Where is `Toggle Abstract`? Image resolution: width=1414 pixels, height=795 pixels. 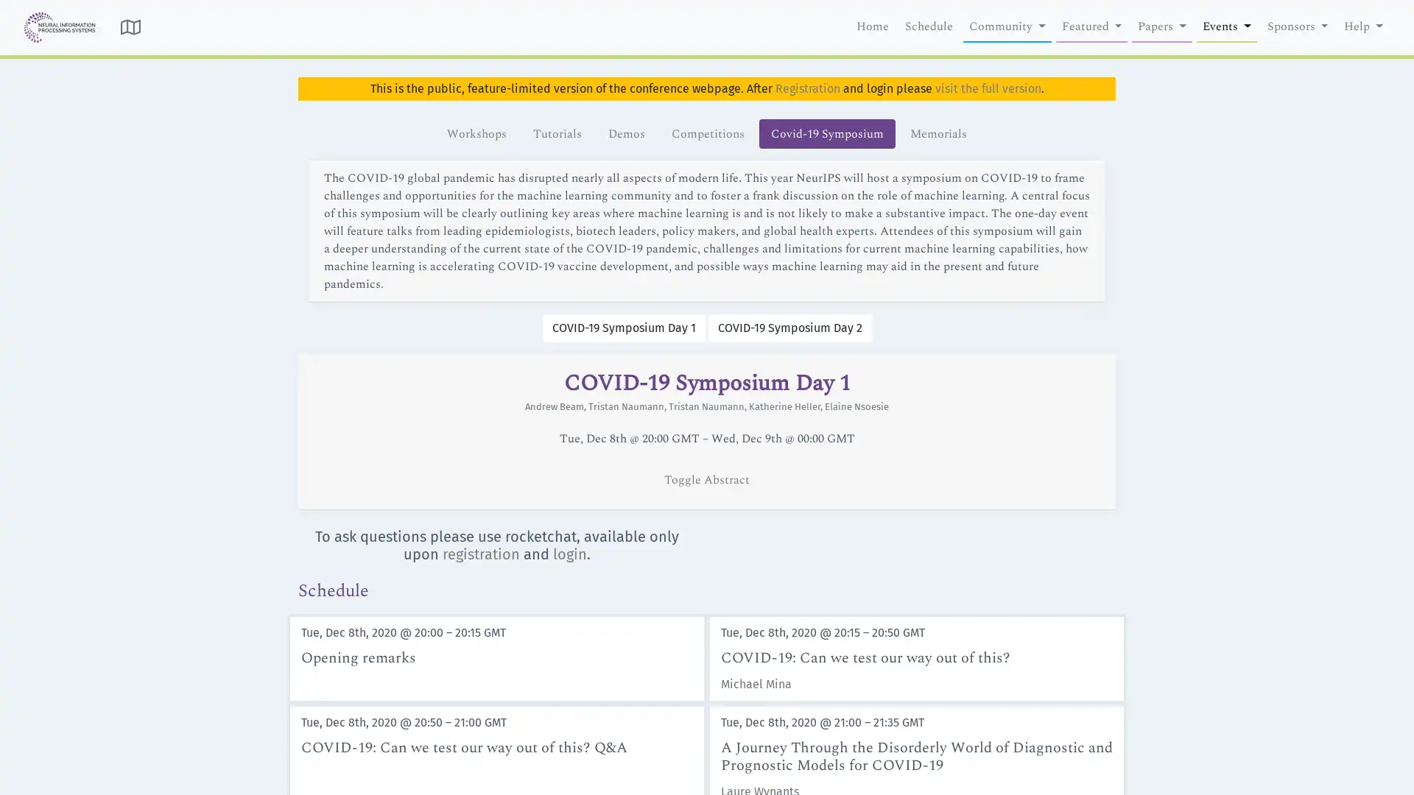 Toggle Abstract is located at coordinates (707, 479).